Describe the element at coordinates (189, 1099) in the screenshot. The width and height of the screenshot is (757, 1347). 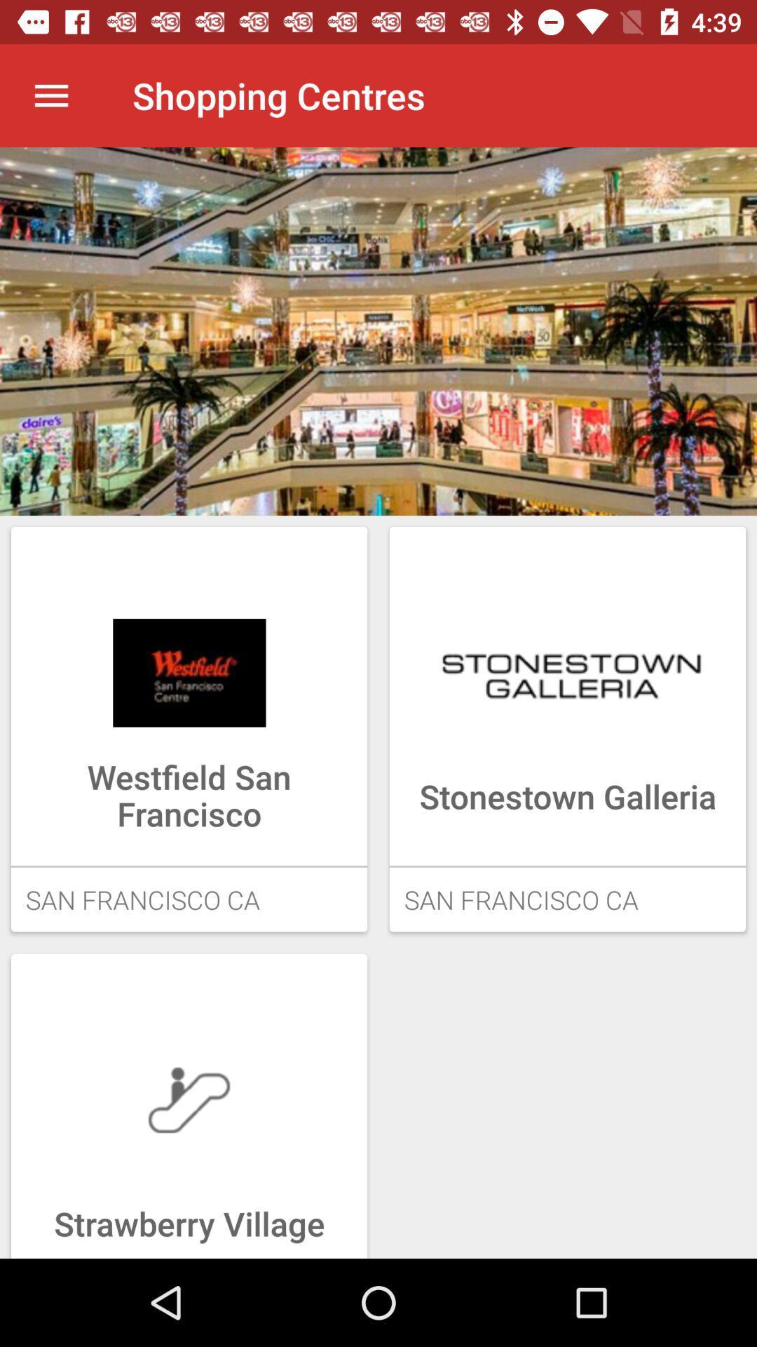
I see `the image above the button strawberry village on the web page` at that location.